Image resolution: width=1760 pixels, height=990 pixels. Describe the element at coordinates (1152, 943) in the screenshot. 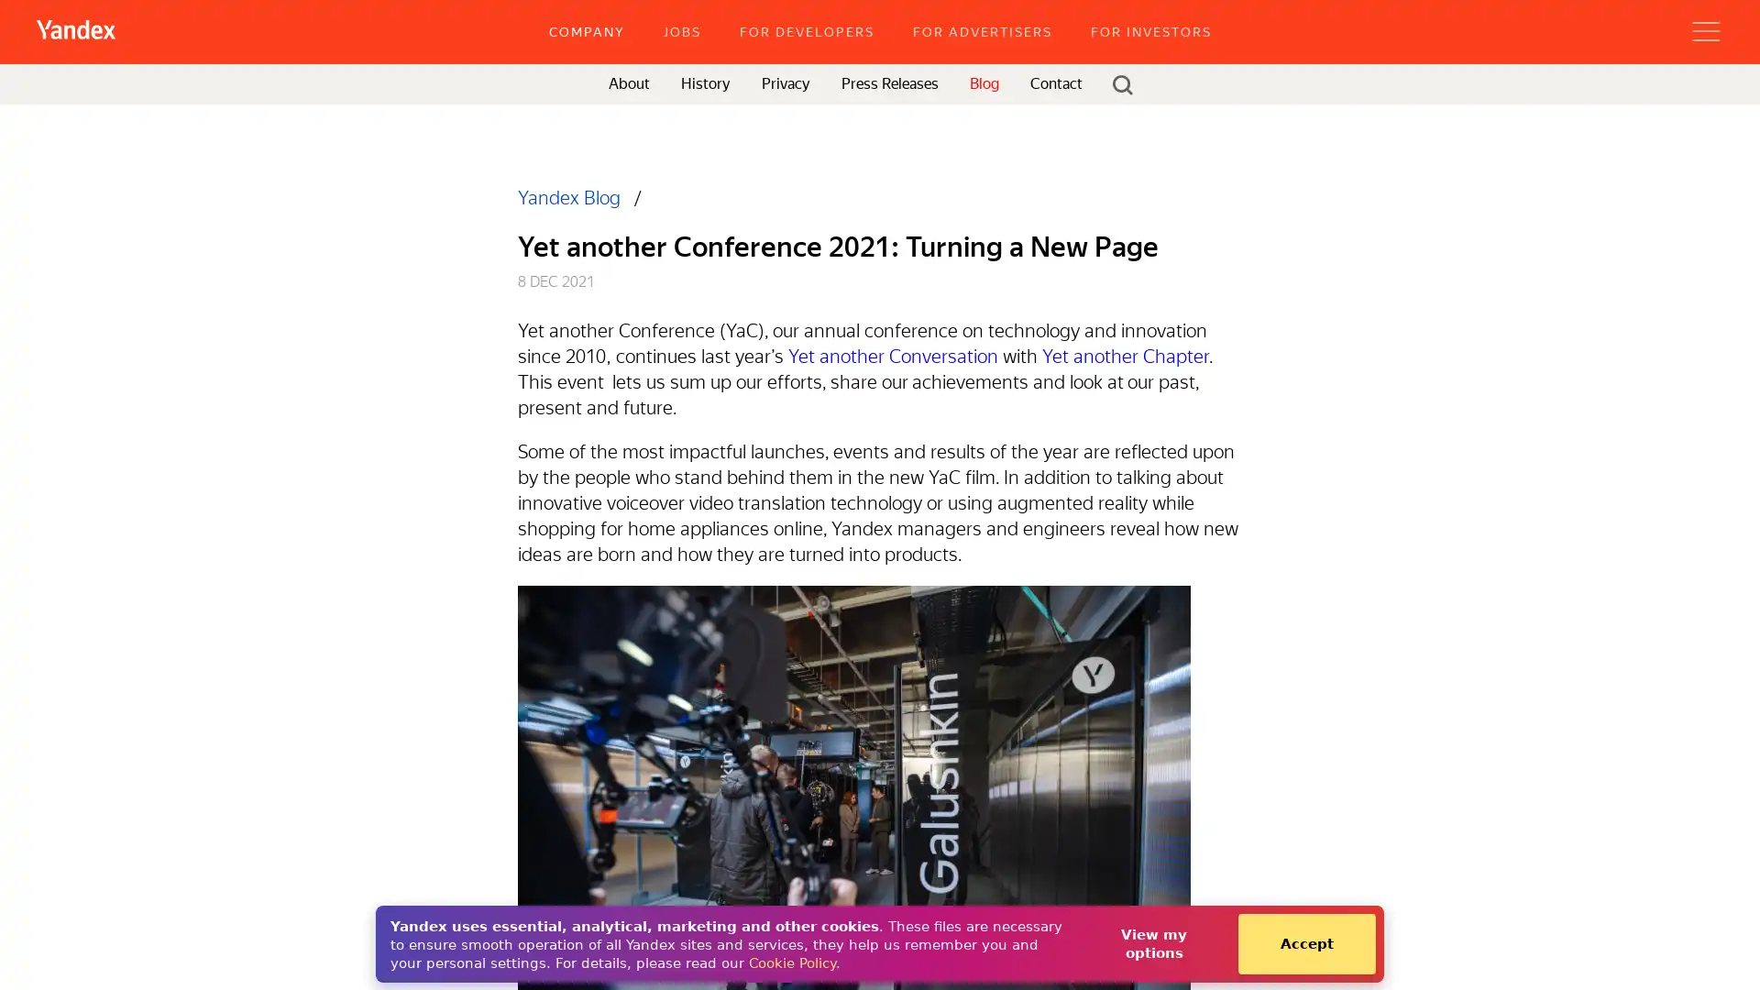

I see `View my options` at that location.